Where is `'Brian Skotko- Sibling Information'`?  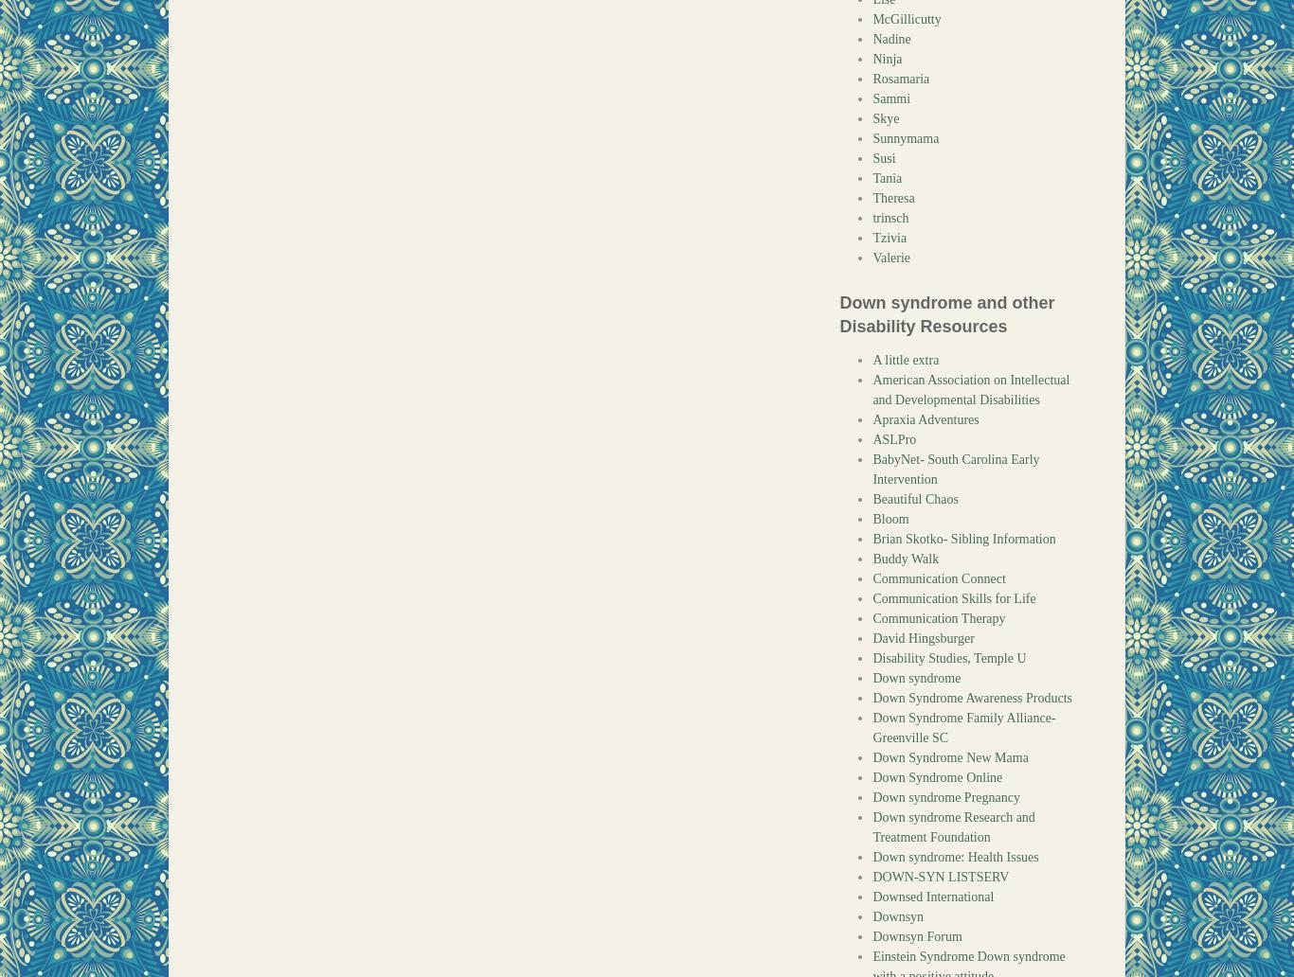
'Brian Skotko- Sibling Information' is located at coordinates (872, 539).